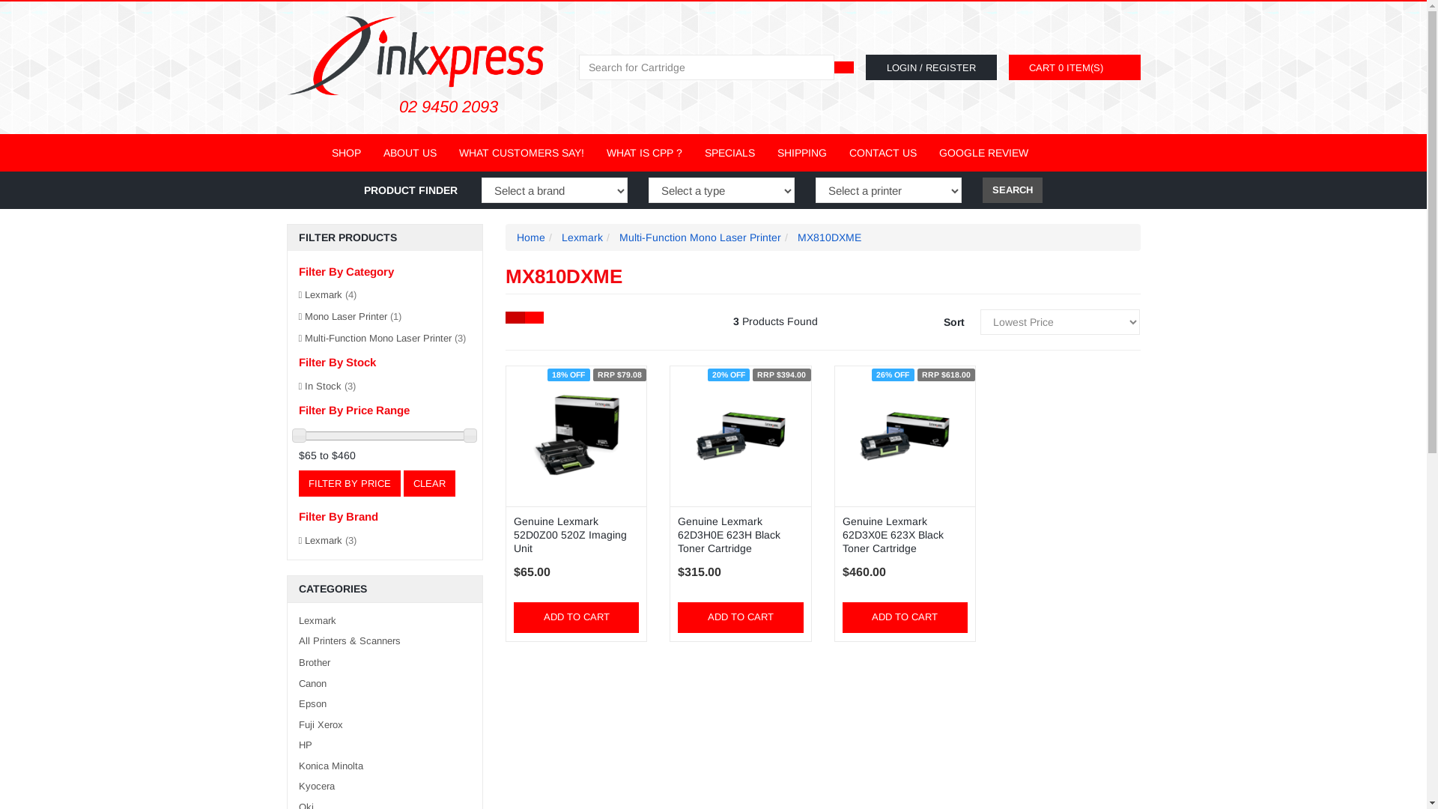 Image resolution: width=1438 pixels, height=809 pixels. I want to click on 'Konica Minolta', so click(288, 766).